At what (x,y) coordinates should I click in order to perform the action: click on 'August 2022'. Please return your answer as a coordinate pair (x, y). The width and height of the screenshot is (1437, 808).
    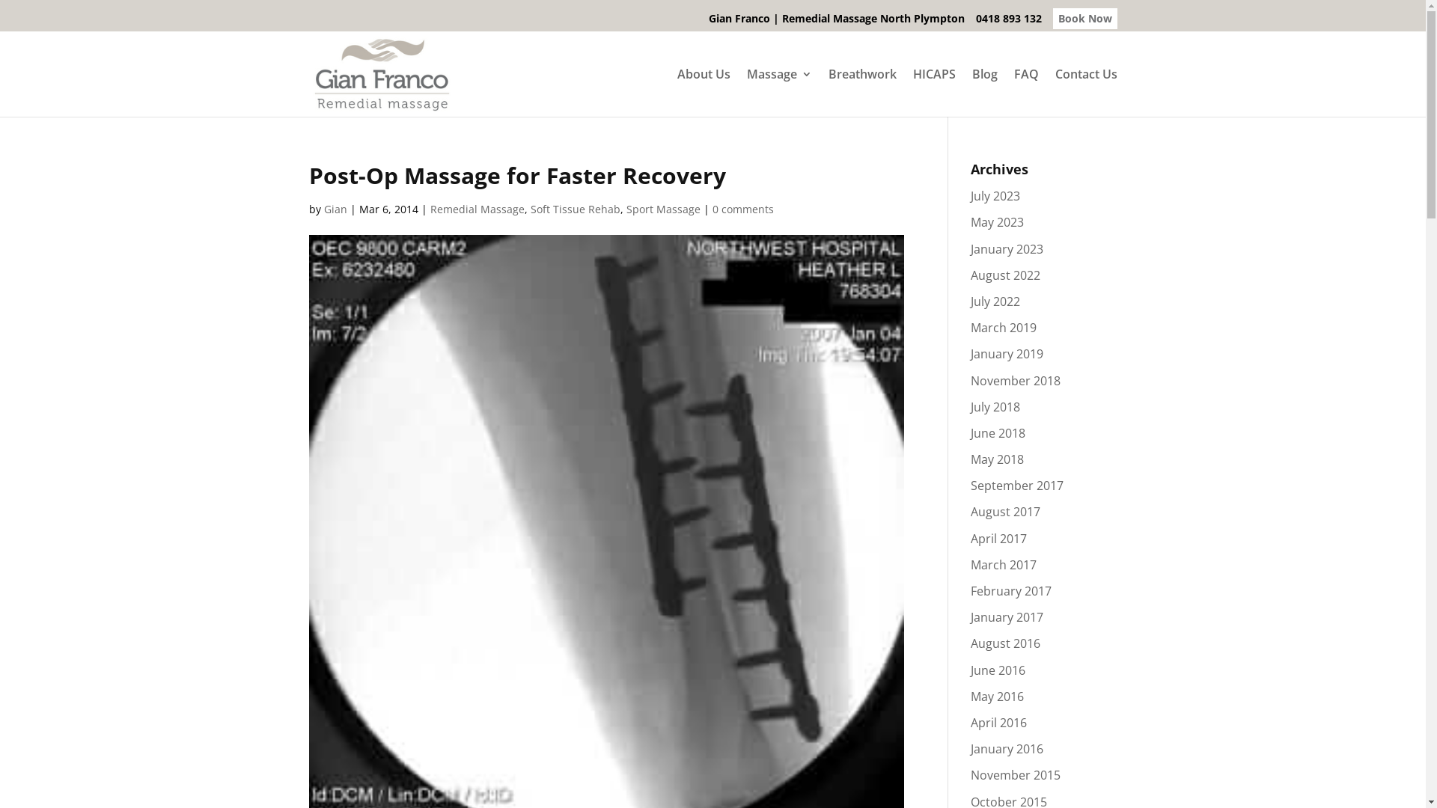
    Looking at the image, I should click on (970, 275).